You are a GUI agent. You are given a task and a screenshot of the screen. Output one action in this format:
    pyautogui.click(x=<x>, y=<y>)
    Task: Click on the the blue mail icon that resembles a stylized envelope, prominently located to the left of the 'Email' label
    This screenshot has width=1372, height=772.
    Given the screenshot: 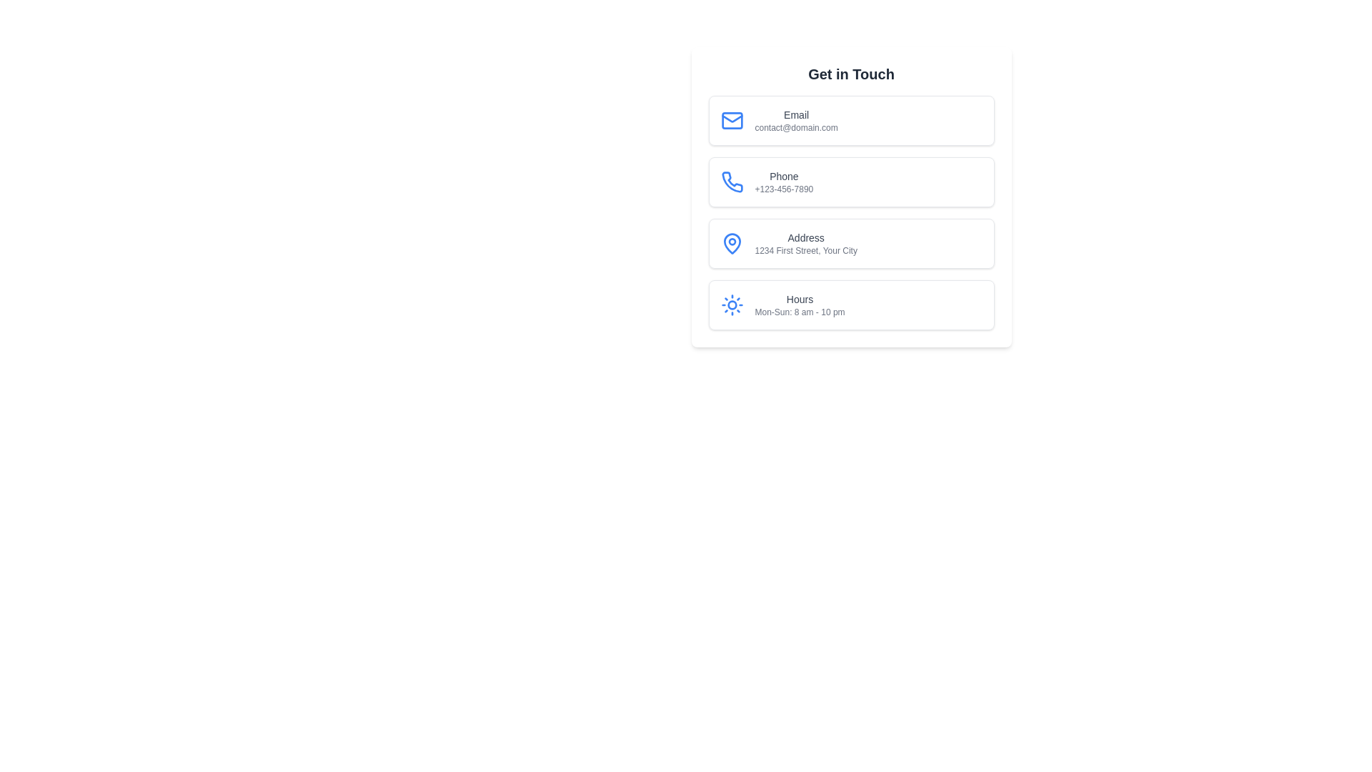 What is the action you would take?
    pyautogui.click(x=732, y=120)
    